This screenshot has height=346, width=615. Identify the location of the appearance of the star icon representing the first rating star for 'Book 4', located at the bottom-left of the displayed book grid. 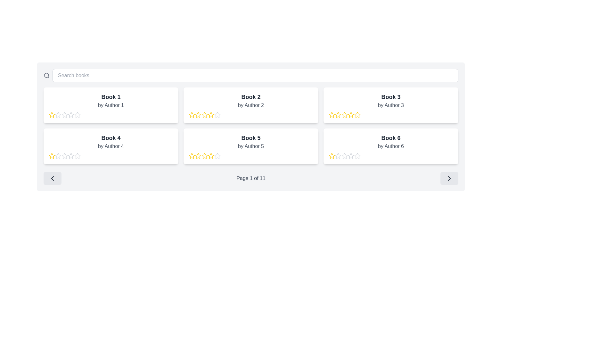
(52, 156).